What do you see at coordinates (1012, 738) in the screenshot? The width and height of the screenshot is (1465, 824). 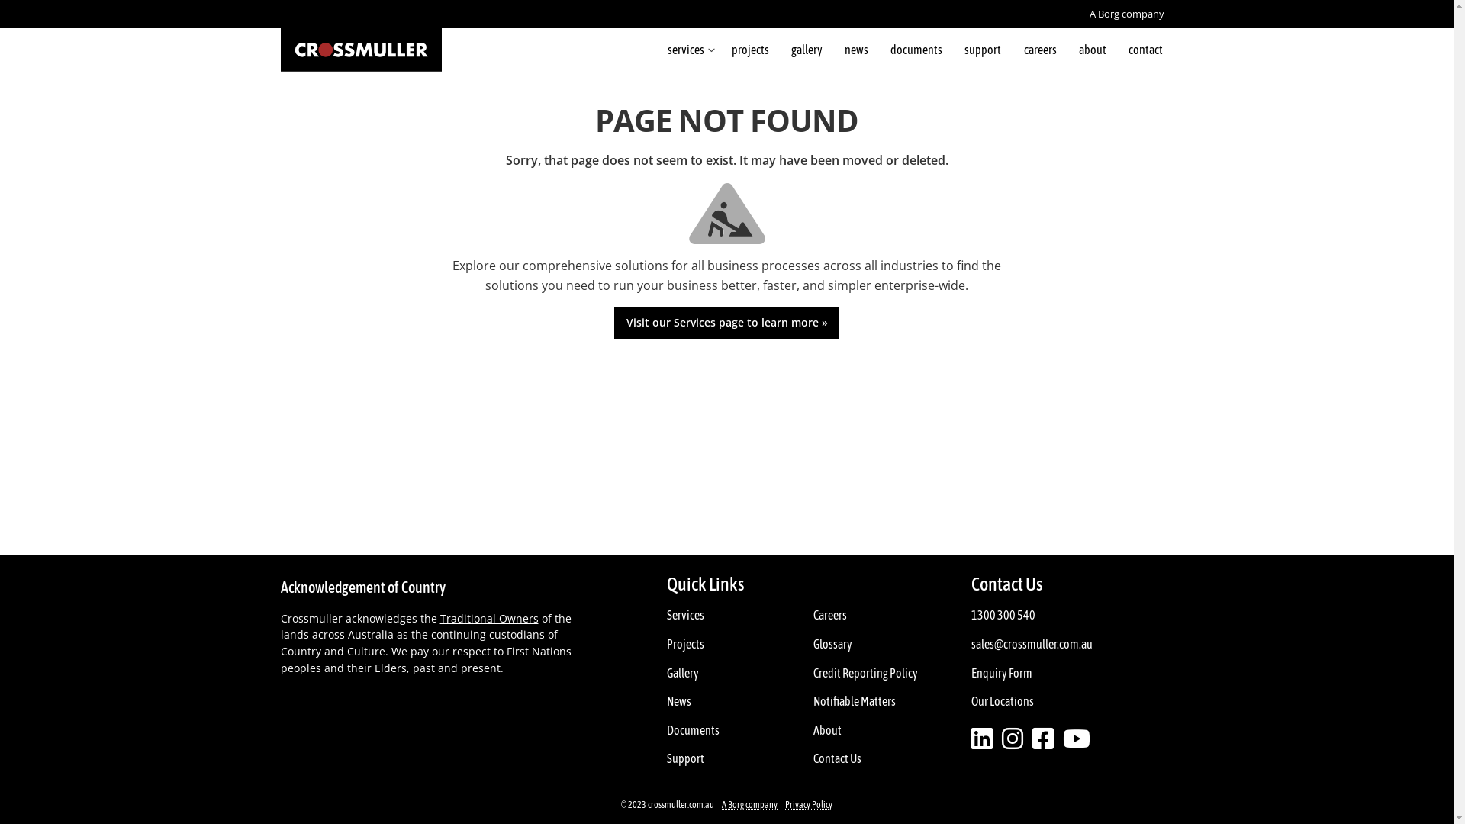 I see `'Crossmuller's Instagram Profile'` at bounding box center [1012, 738].